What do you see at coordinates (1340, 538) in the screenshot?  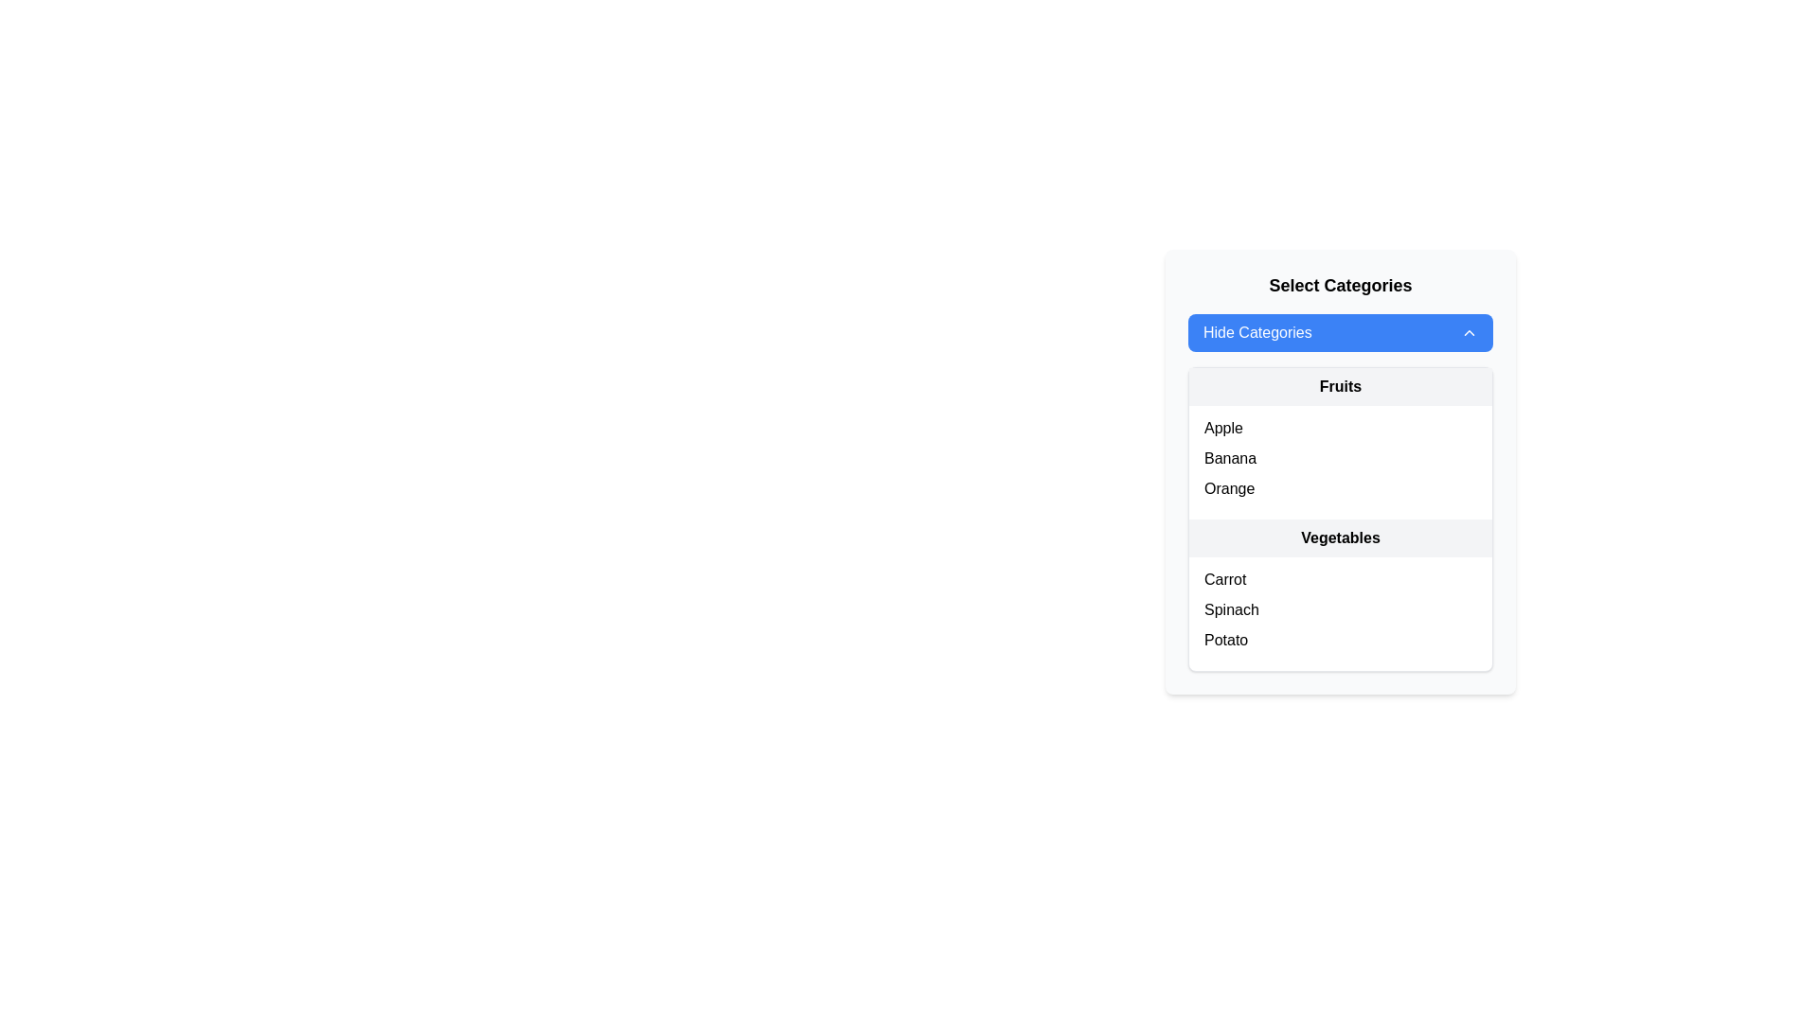 I see `the Header Label for the 'Vegetables' category, which is positioned at the top of the items including 'Carrot', 'Spinach', and 'Potato'` at bounding box center [1340, 538].